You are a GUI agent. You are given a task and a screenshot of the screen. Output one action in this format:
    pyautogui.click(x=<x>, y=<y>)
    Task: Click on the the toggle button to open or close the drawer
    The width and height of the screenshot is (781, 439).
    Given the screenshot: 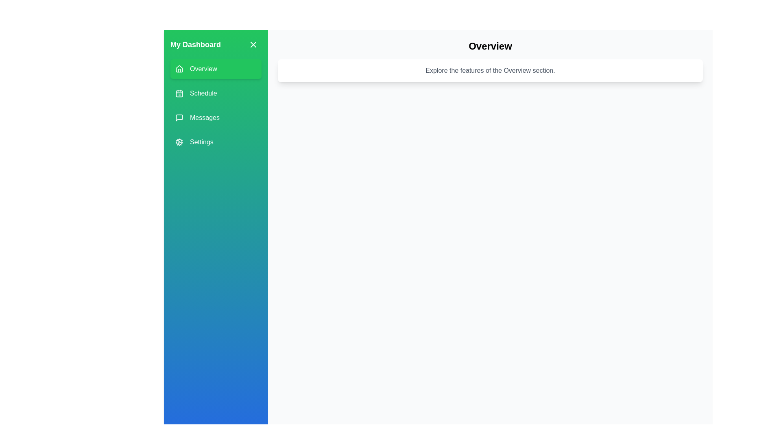 What is the action you would take?
    pyautogui.click(x=253, y=45)
    